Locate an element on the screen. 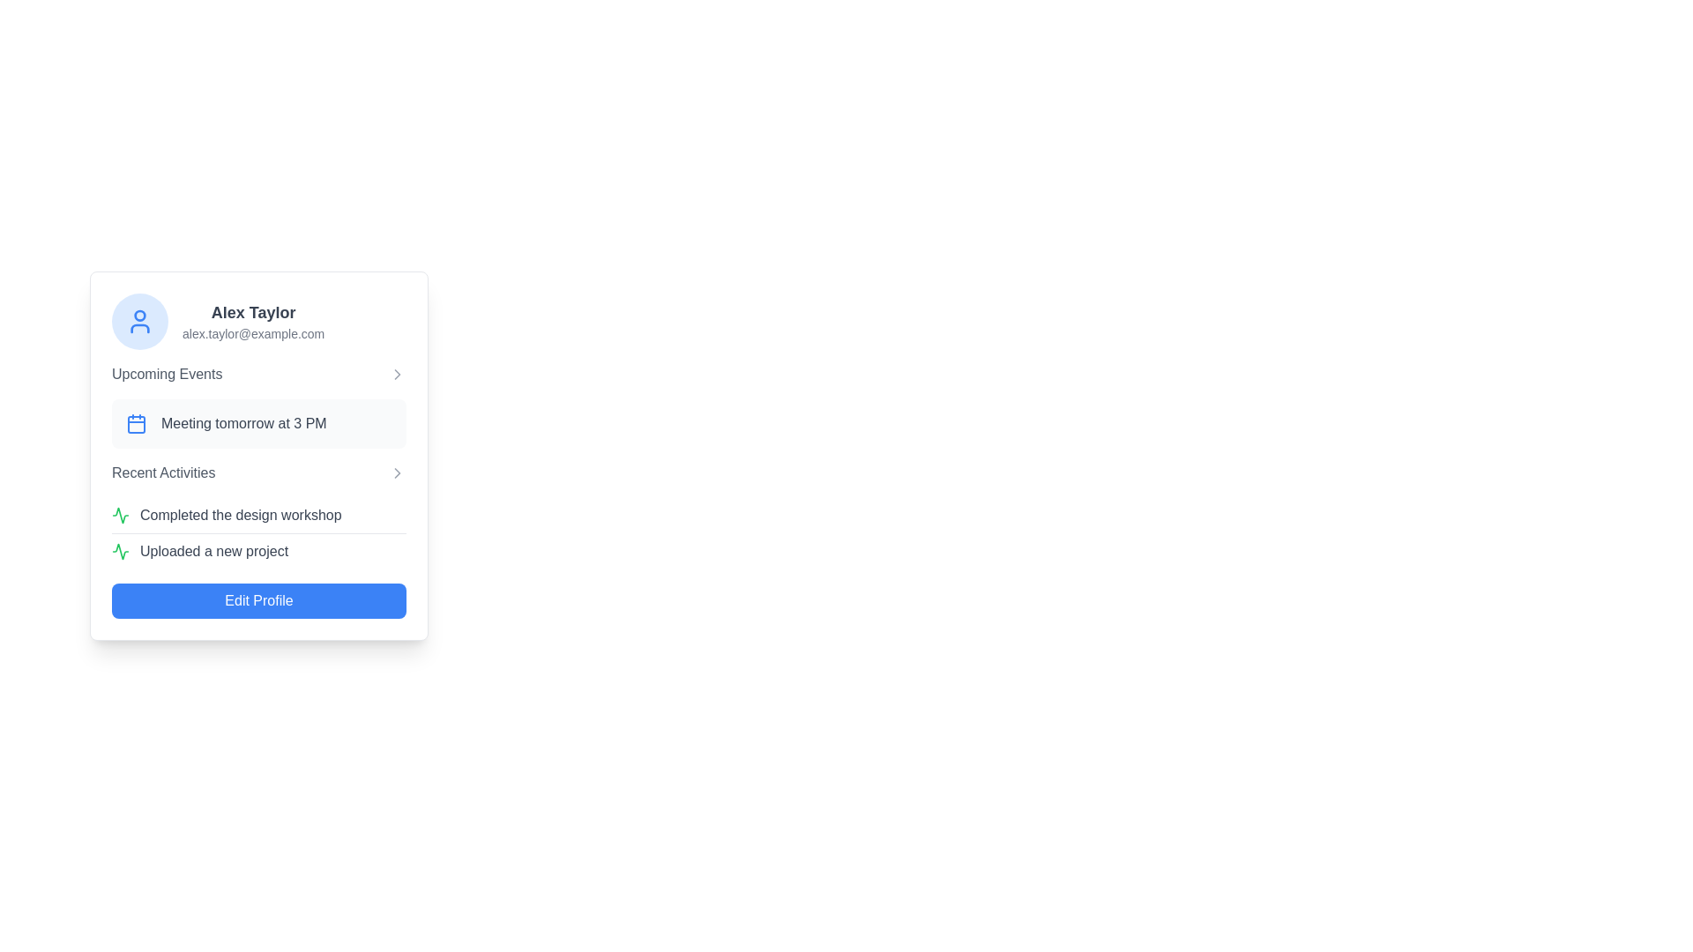  the static text displaying the email address associated with the user profile, located directly below the 'Alex Taylor' text in the profile card on the left side of the page is located at coordinates (252, 333).